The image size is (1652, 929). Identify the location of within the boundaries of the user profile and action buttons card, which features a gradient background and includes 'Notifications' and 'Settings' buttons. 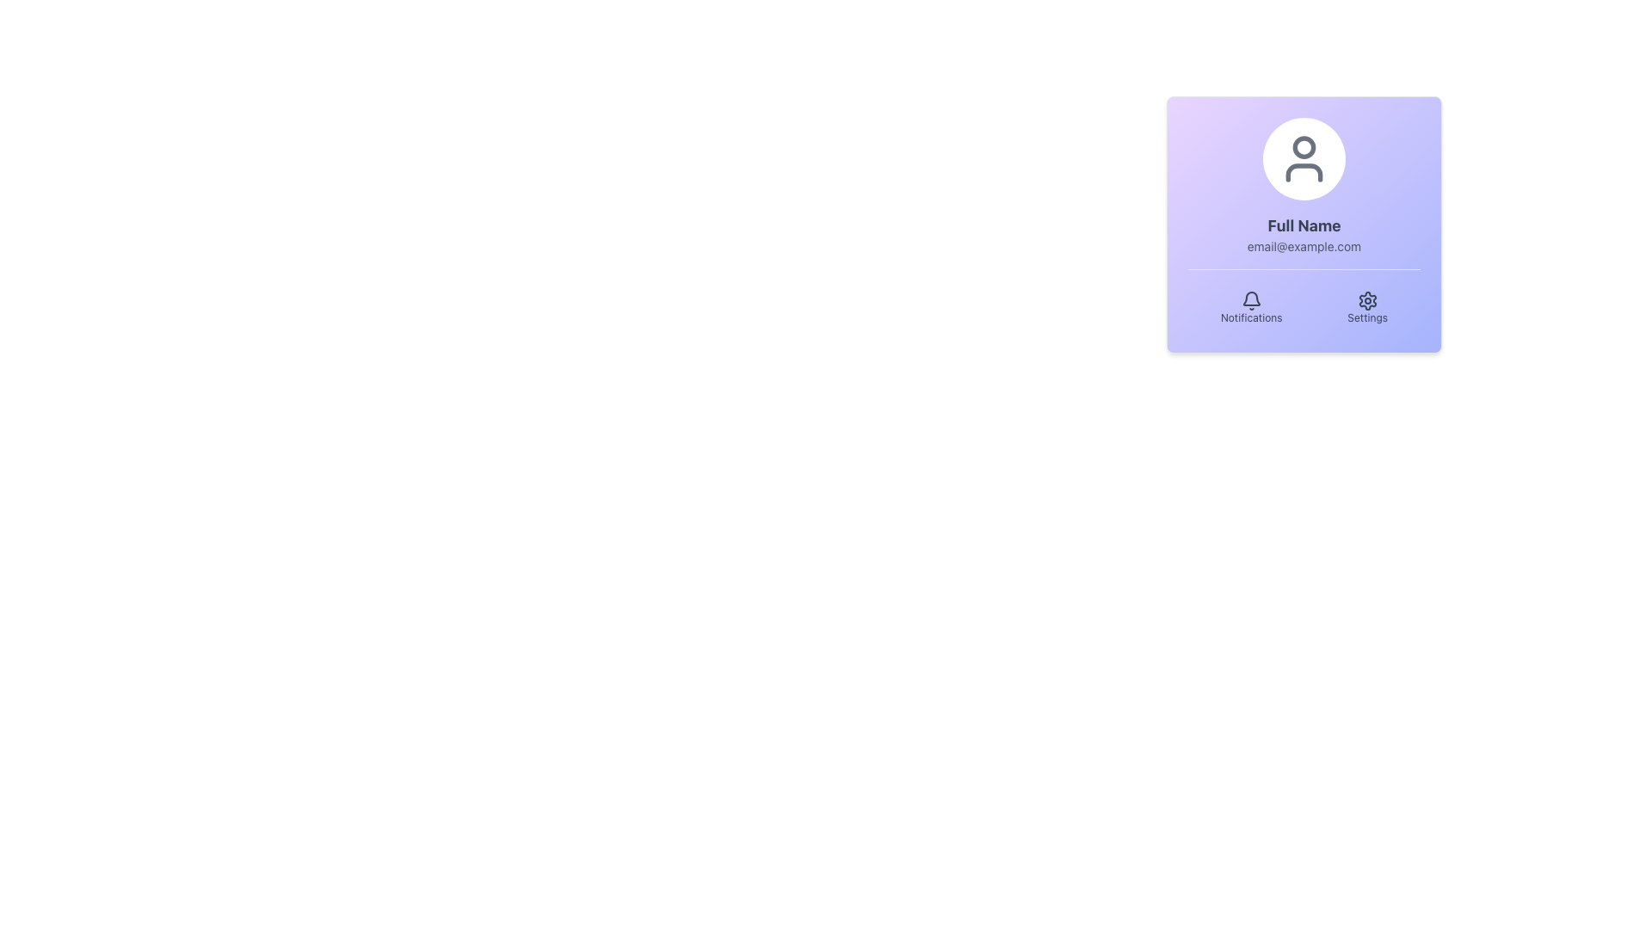
(1304, 224).